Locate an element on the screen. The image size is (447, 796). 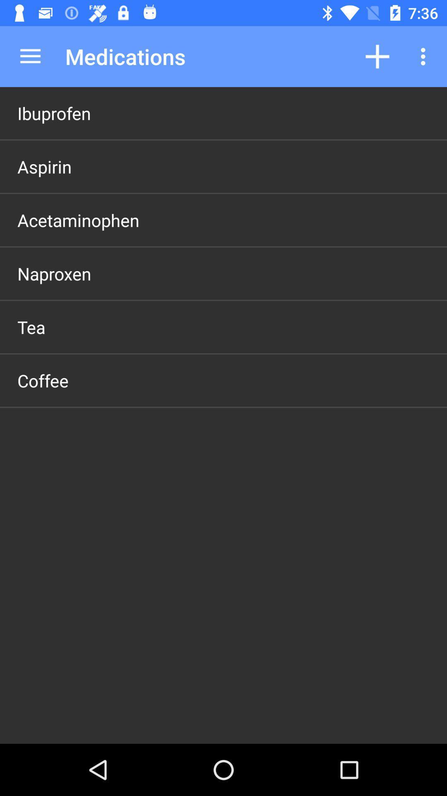
the naproxen is located at coordinates (54, 274).